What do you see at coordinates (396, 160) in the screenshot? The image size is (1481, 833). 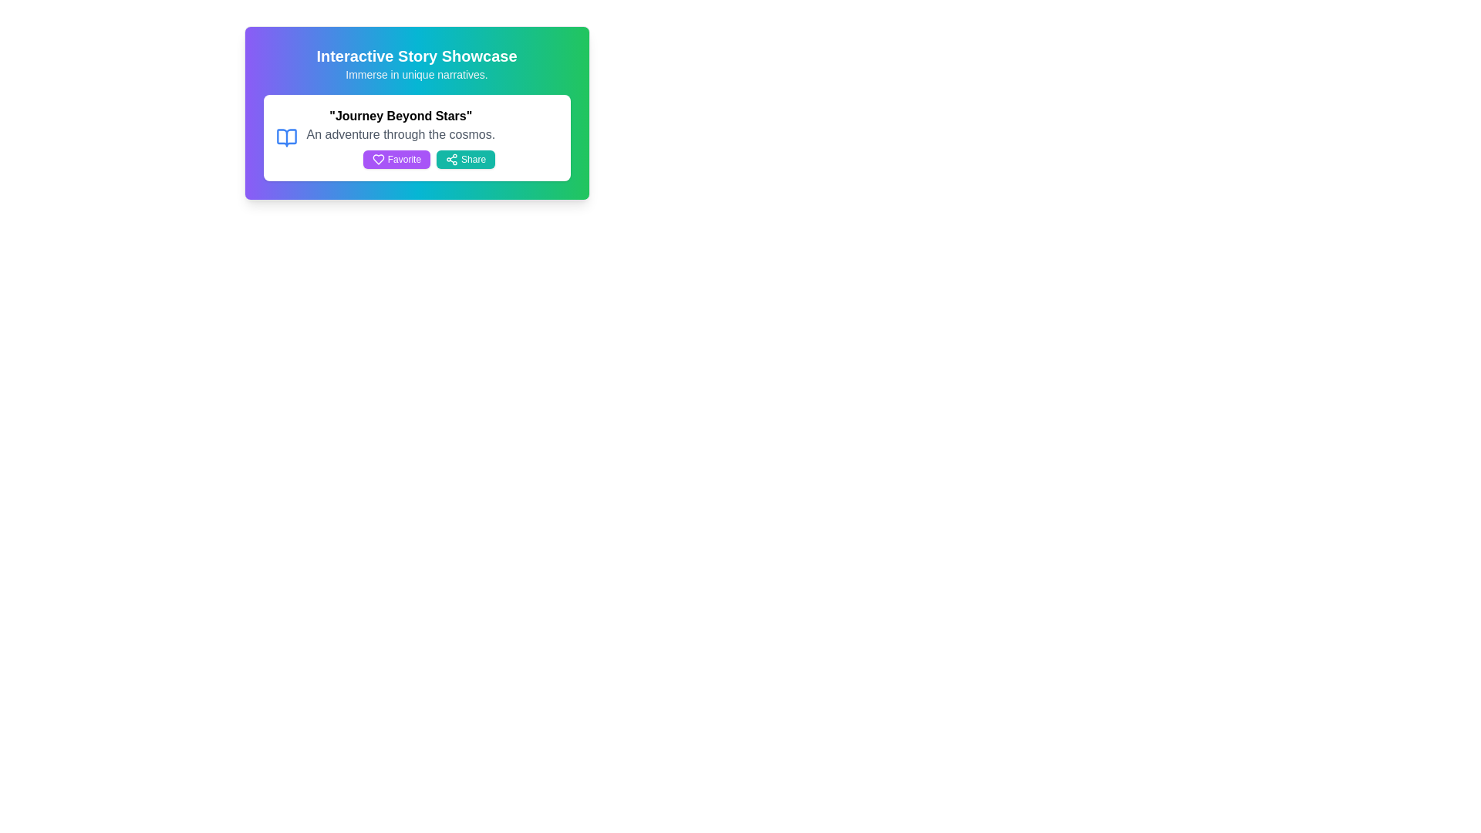 I see `the favorite button located in the bottom-right section of the card, to the left of the 'Share' button, to mark the item as favorite` at bounding box center [396, 160].